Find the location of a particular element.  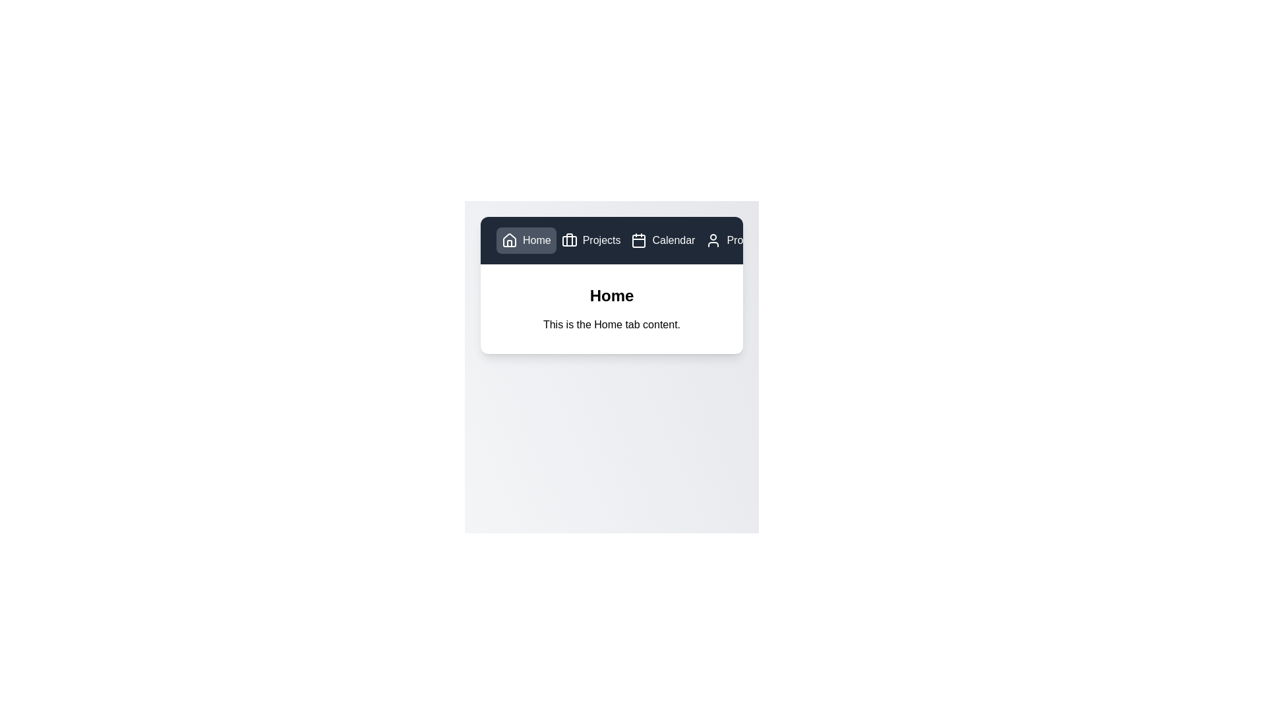

the Calendar tab by clicking on its button is located at coordinates (662, 241).